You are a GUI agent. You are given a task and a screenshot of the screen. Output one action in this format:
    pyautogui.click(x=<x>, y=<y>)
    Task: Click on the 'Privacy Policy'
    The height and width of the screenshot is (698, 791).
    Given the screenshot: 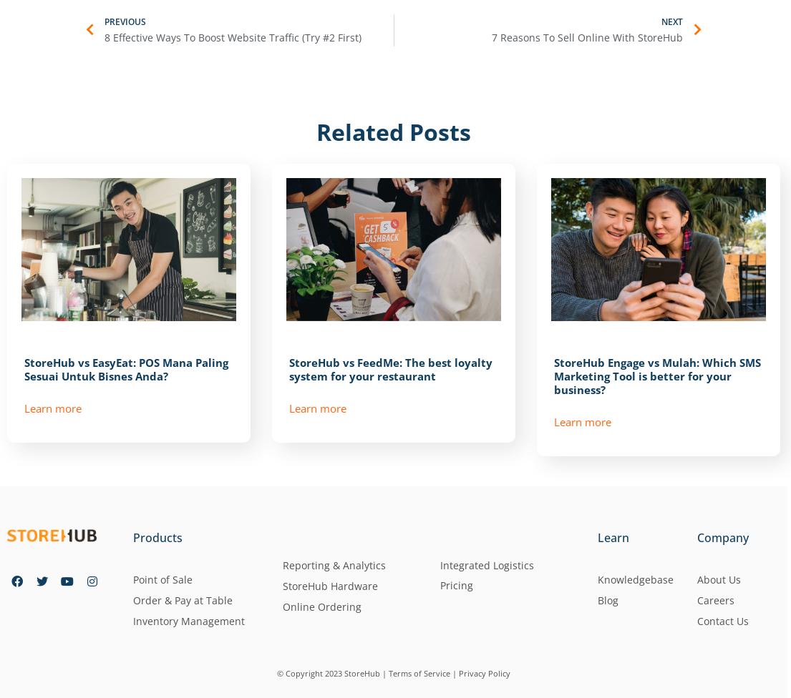 What is the action you would take?
    pyautogui.click(x=485, y=672)
    